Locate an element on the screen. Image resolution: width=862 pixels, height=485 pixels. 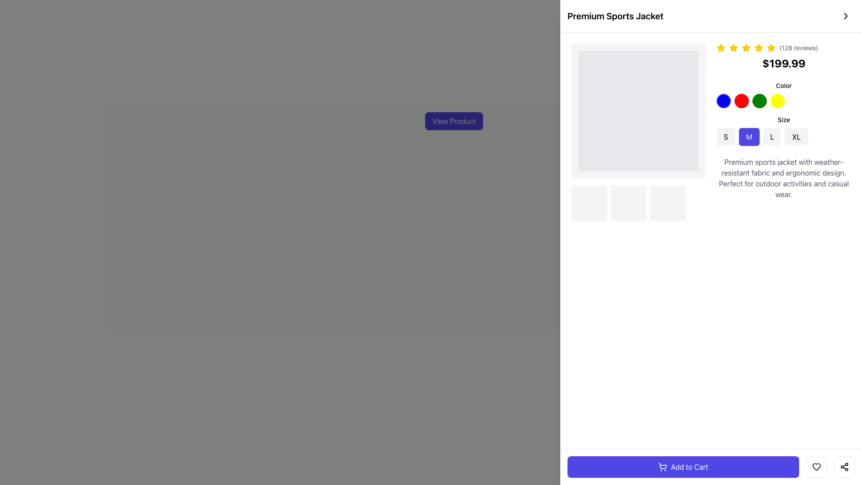
to select the red color variant from the second circular color option located under the 'Color' label in the right-side panel is located at coordinates (741, 101).